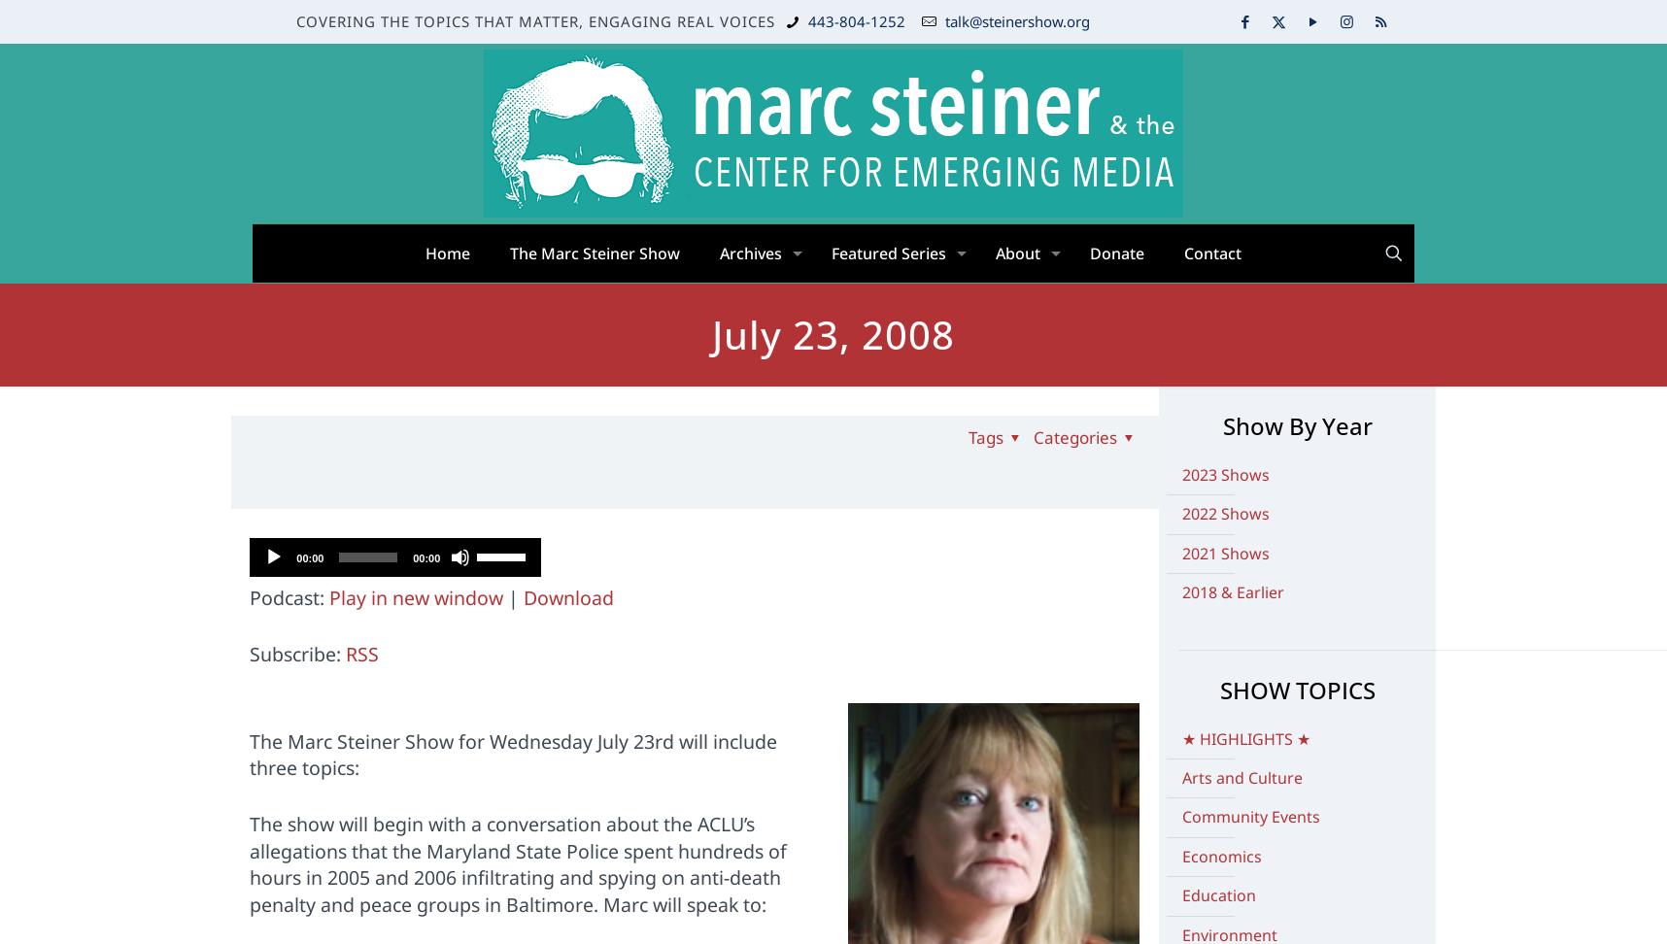 The height and width of the screenshot is (944, 1667). I want to click on '443-804-1252', so click(856, 20).